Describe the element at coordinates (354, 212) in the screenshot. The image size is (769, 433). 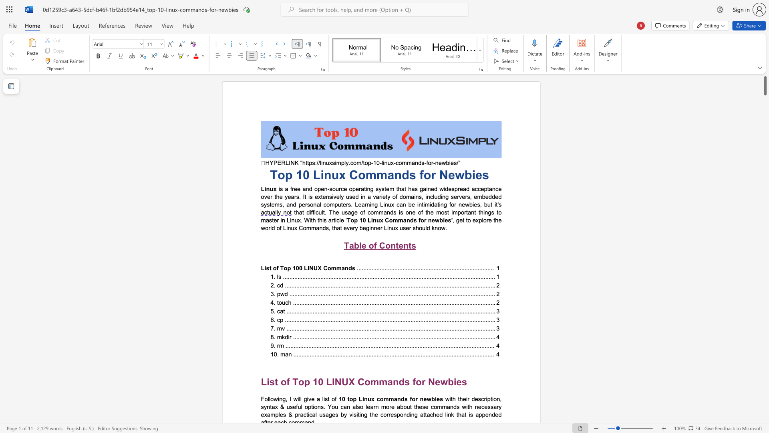
I see `the subset text "e o" within the text "that difficult. The usage of commands"` at that location.